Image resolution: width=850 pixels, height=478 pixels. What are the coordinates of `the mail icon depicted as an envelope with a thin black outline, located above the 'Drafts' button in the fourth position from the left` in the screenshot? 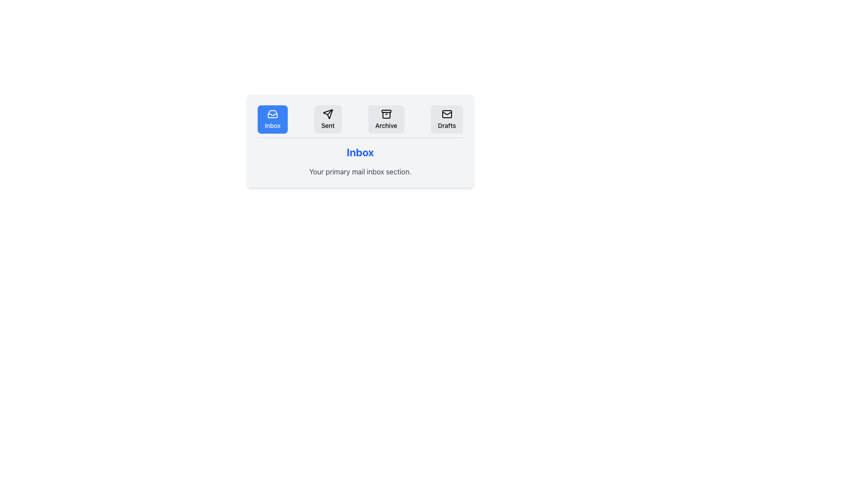 It's located at (447, 114).